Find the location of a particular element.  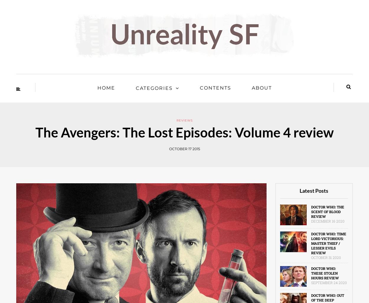

'December 16 2020' is located at coordinates (327, 221).